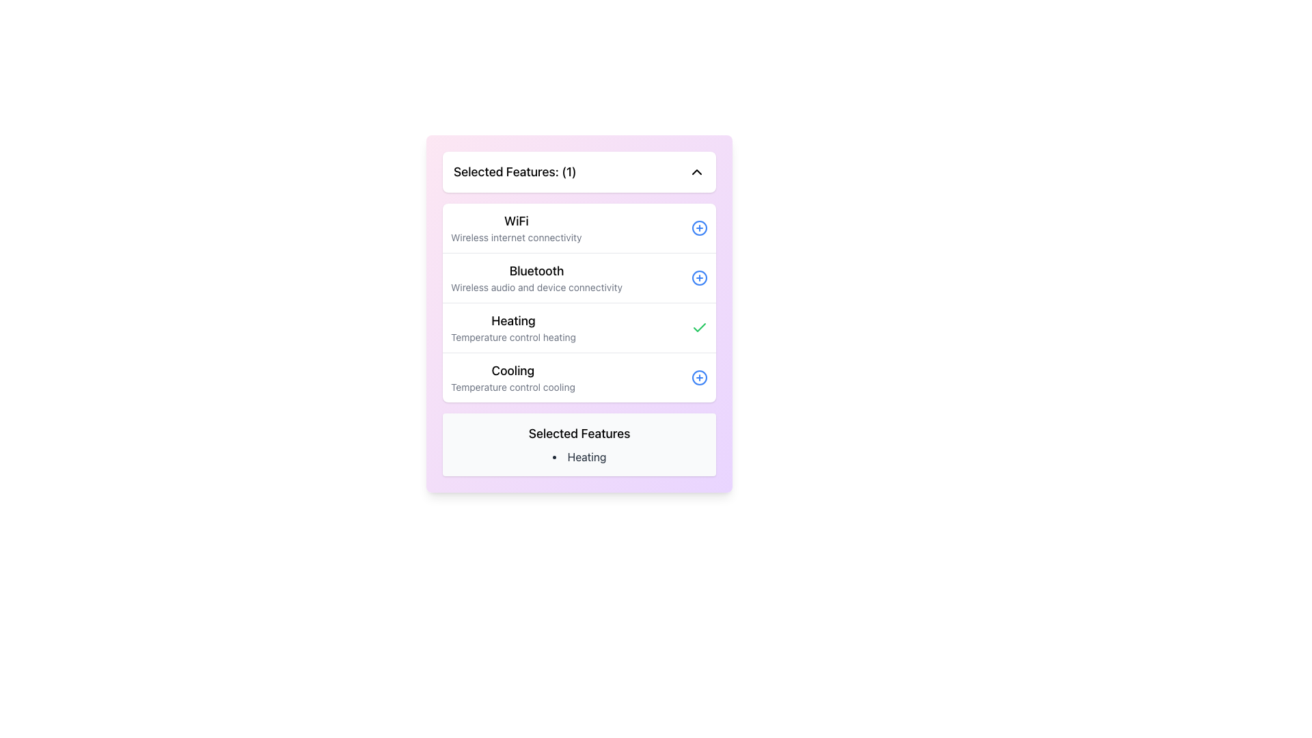 This screenshot has height=738, width=1312. What do you see at coordinates (512, 387) in the screenshot?
I see `the Text Label that provides additional details about the 'Cooling' feature, located beneath the 'Cooling' heading` at bounding box center [512, 387].